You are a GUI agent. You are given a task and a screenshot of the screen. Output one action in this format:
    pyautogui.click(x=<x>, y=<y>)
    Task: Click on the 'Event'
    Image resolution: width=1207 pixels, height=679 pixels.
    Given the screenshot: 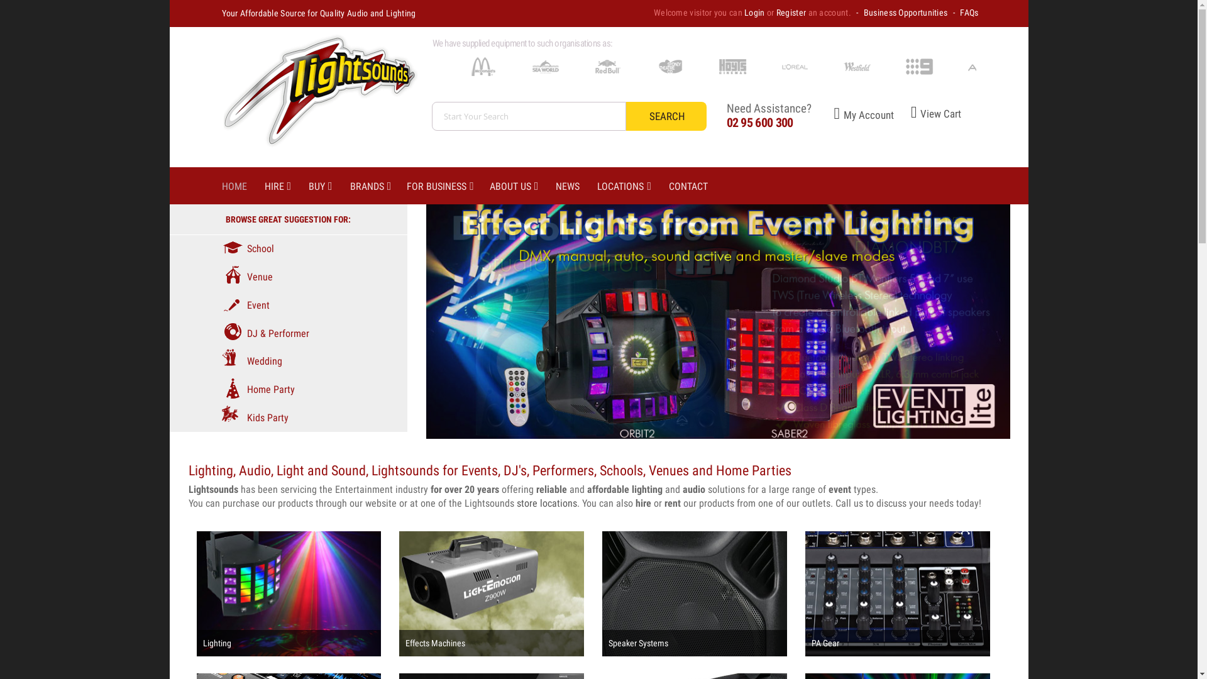 What is the action you would take?
    pyautogui.click(x=221, y=305)
    